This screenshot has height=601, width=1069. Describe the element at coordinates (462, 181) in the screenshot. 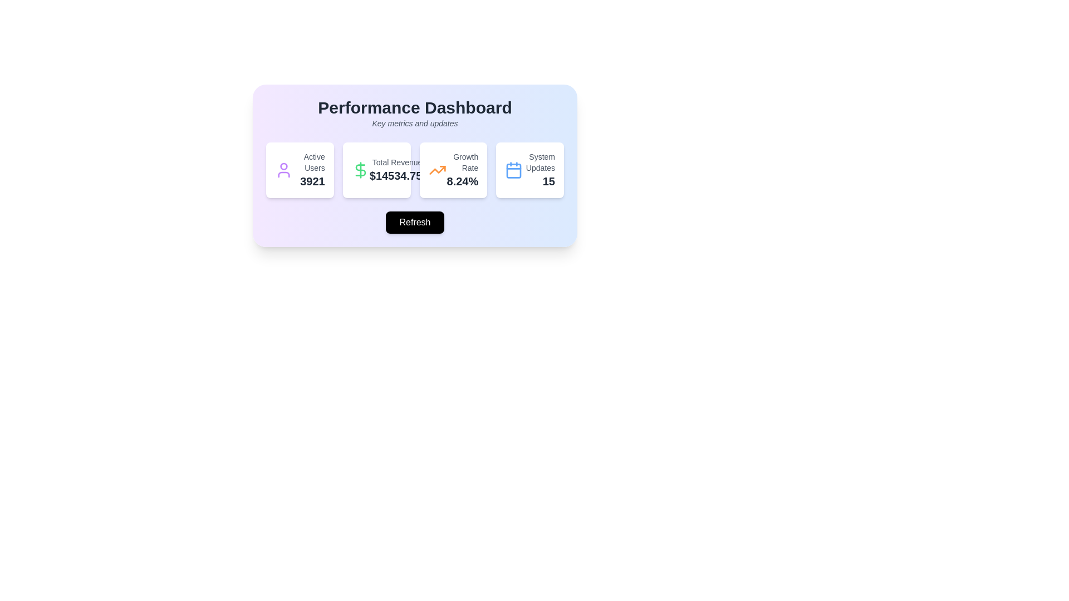

I see `the Text Display element that shows '8.24%' in bold dark gray font, located below the 'Growth Rate' title` at that location.